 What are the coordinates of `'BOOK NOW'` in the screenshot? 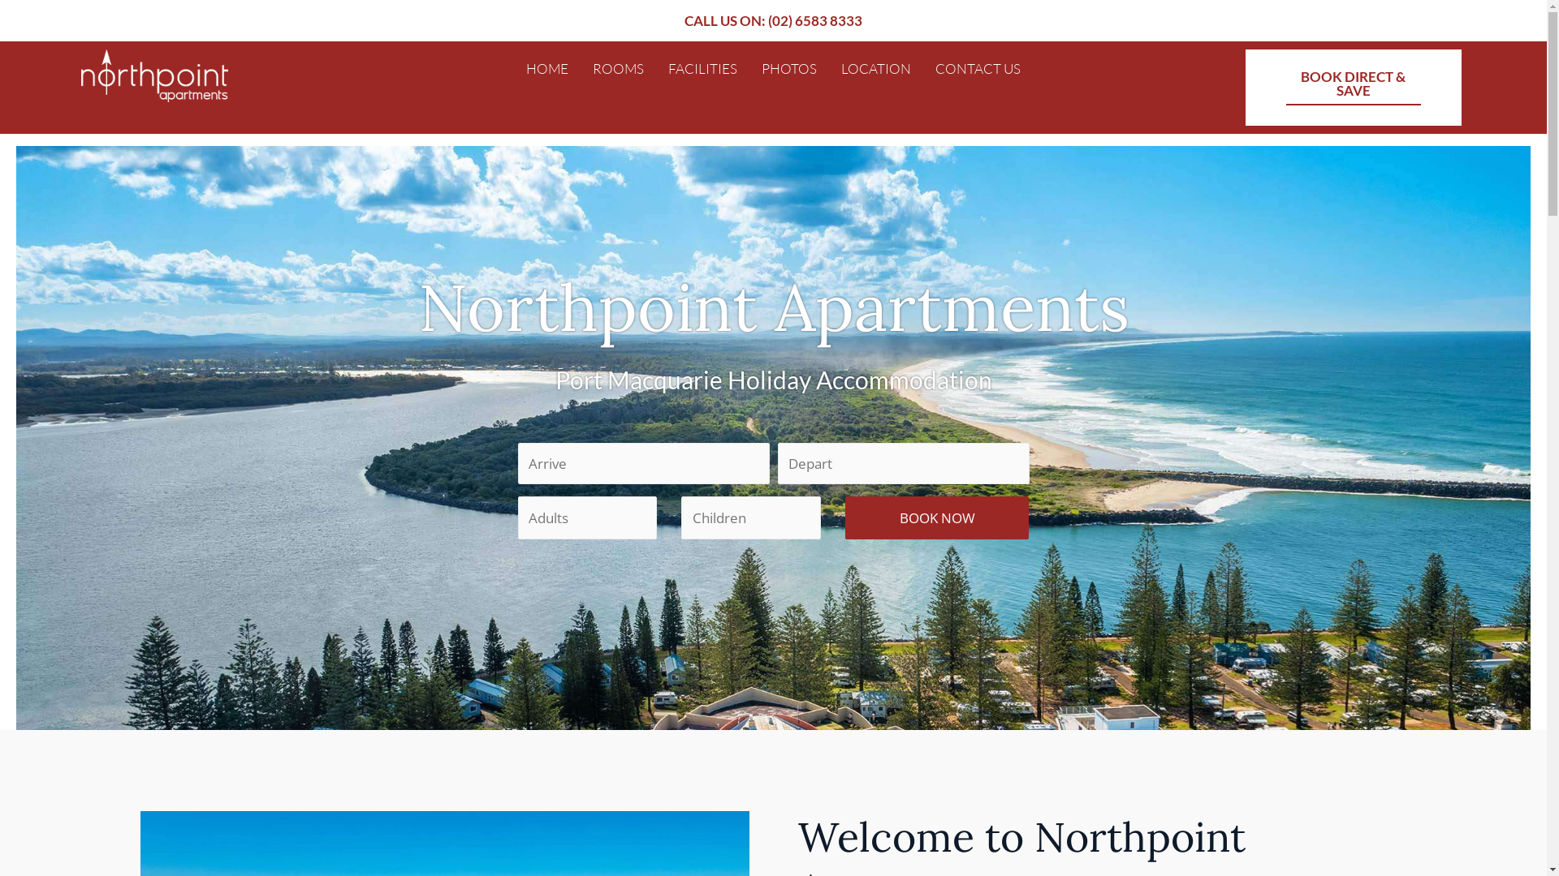 It's located at (936, 518).